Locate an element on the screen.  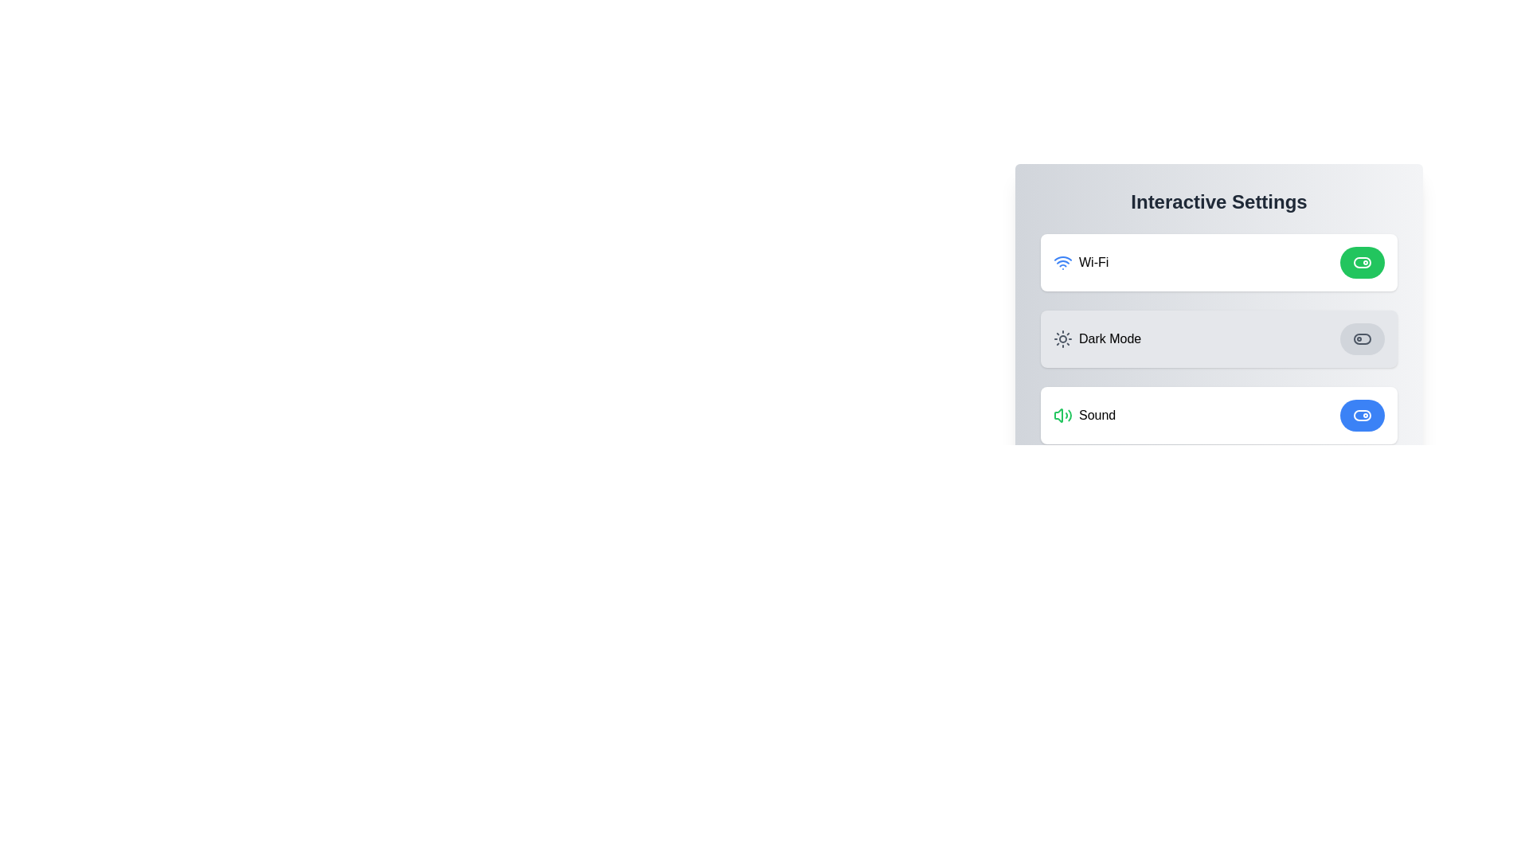
the sun icon located to the left of the 'Dark Mode' label in the 'Interactive Settings' panel, which is styled in a minimalistic gray color scheme is located at coordinates (1062, 338).